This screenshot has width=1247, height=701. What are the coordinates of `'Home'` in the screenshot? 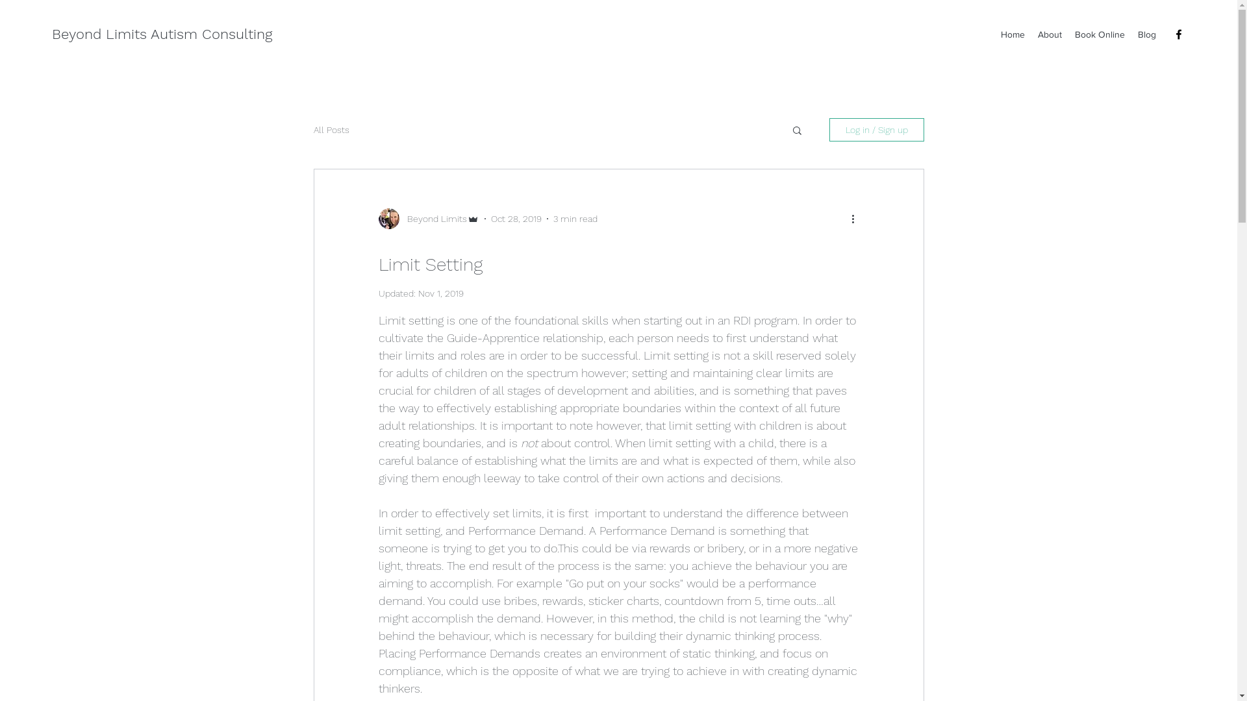 It's located at (1012, 34).